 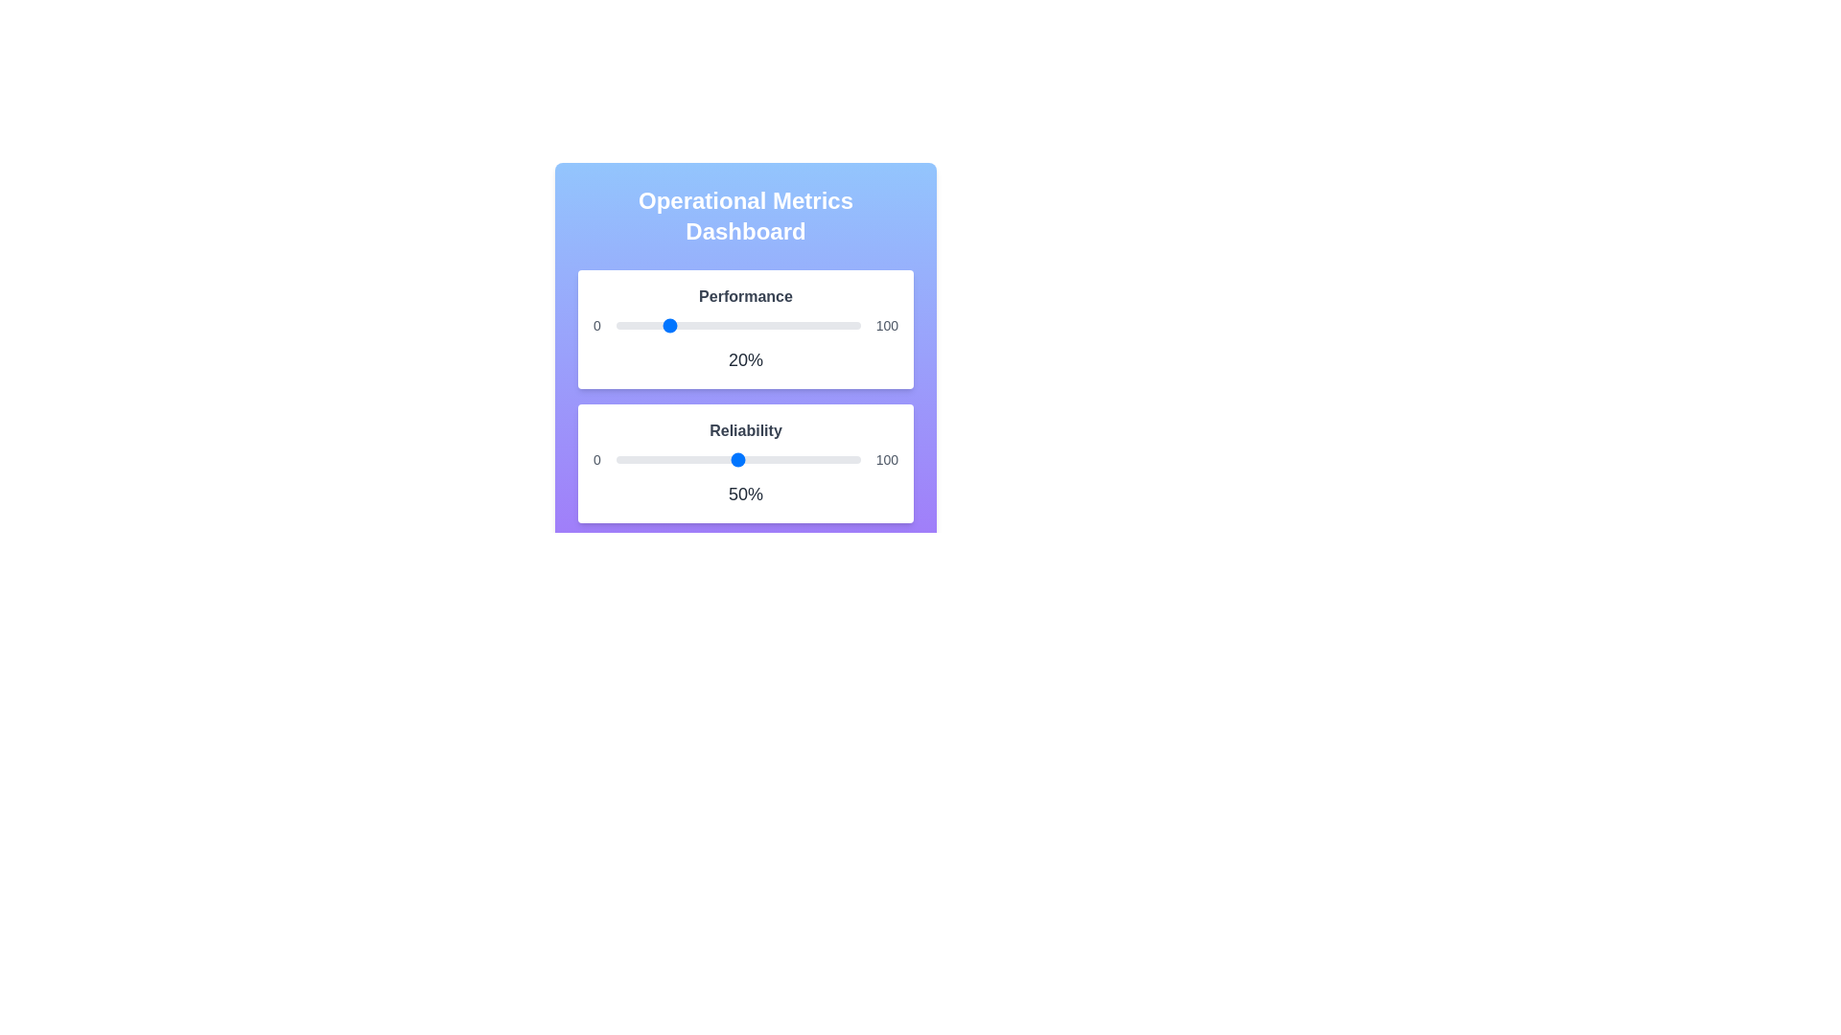 I want to click on the gray static text label displaying the number '100' located to the far right of the reliability slider track in the dashboard card, so click(x=886, y=459).